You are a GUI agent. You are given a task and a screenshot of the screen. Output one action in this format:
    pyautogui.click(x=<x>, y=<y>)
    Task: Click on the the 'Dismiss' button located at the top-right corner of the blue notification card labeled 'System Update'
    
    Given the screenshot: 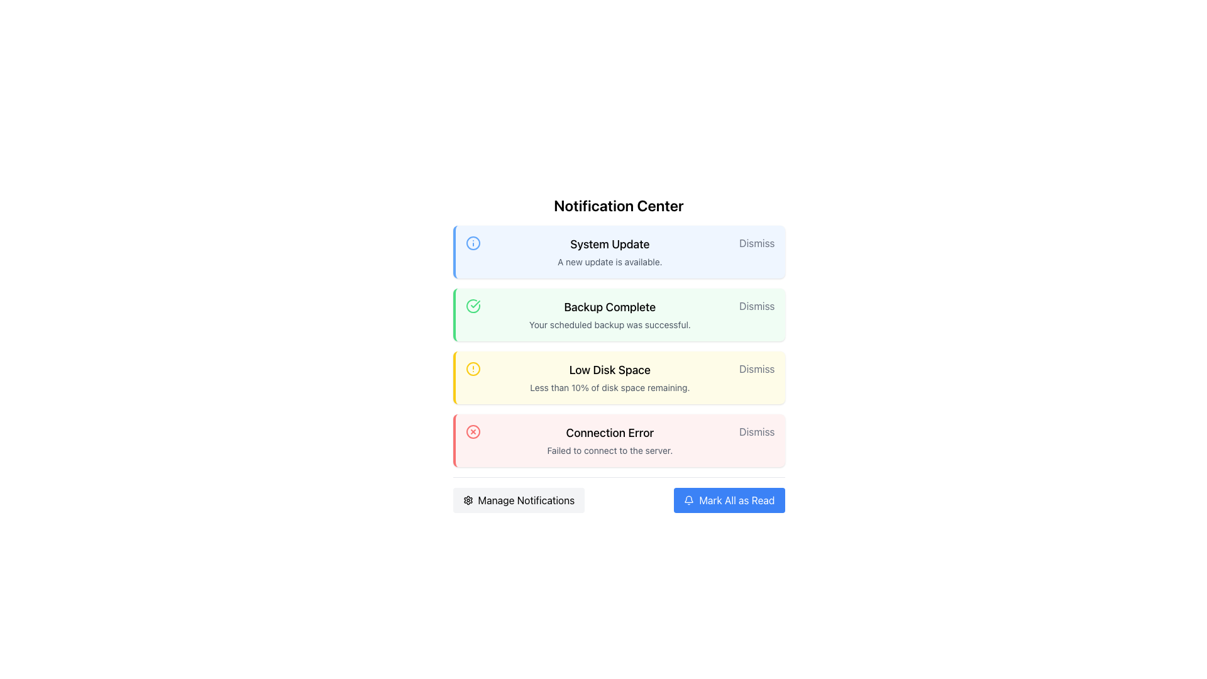 What is the action you would take?
    pyautogui.click(x=756, y=243)
    